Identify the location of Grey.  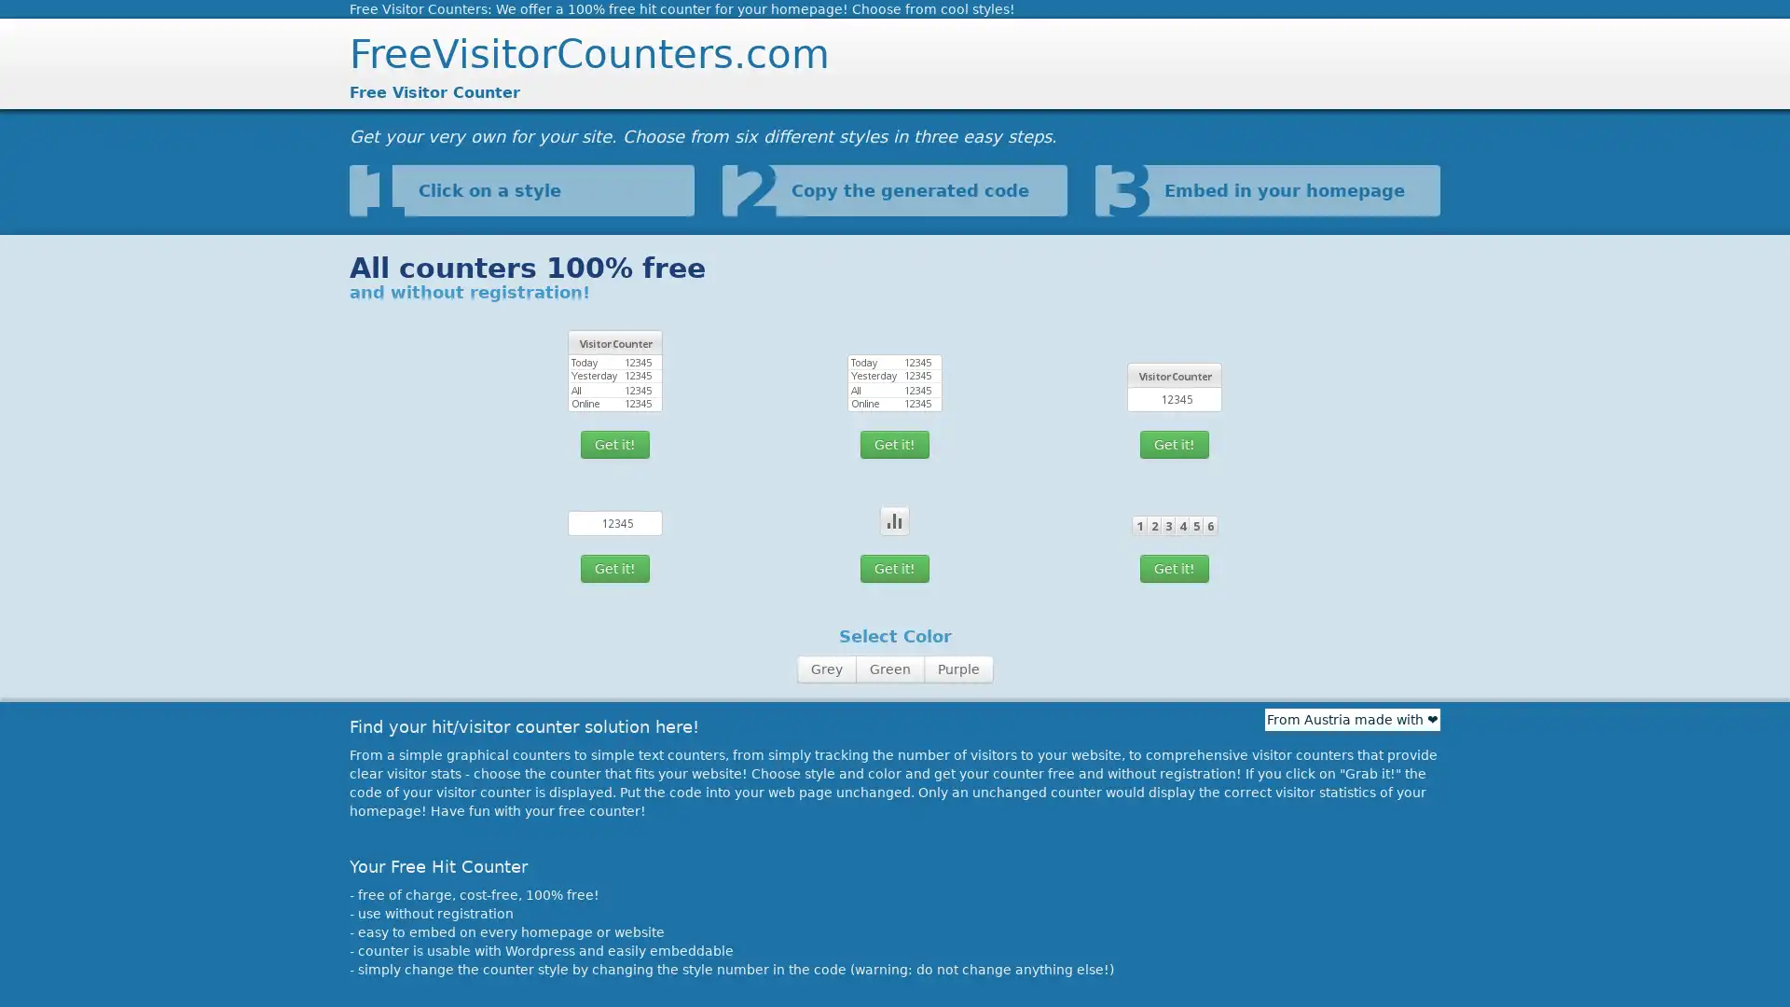
(825, 668).